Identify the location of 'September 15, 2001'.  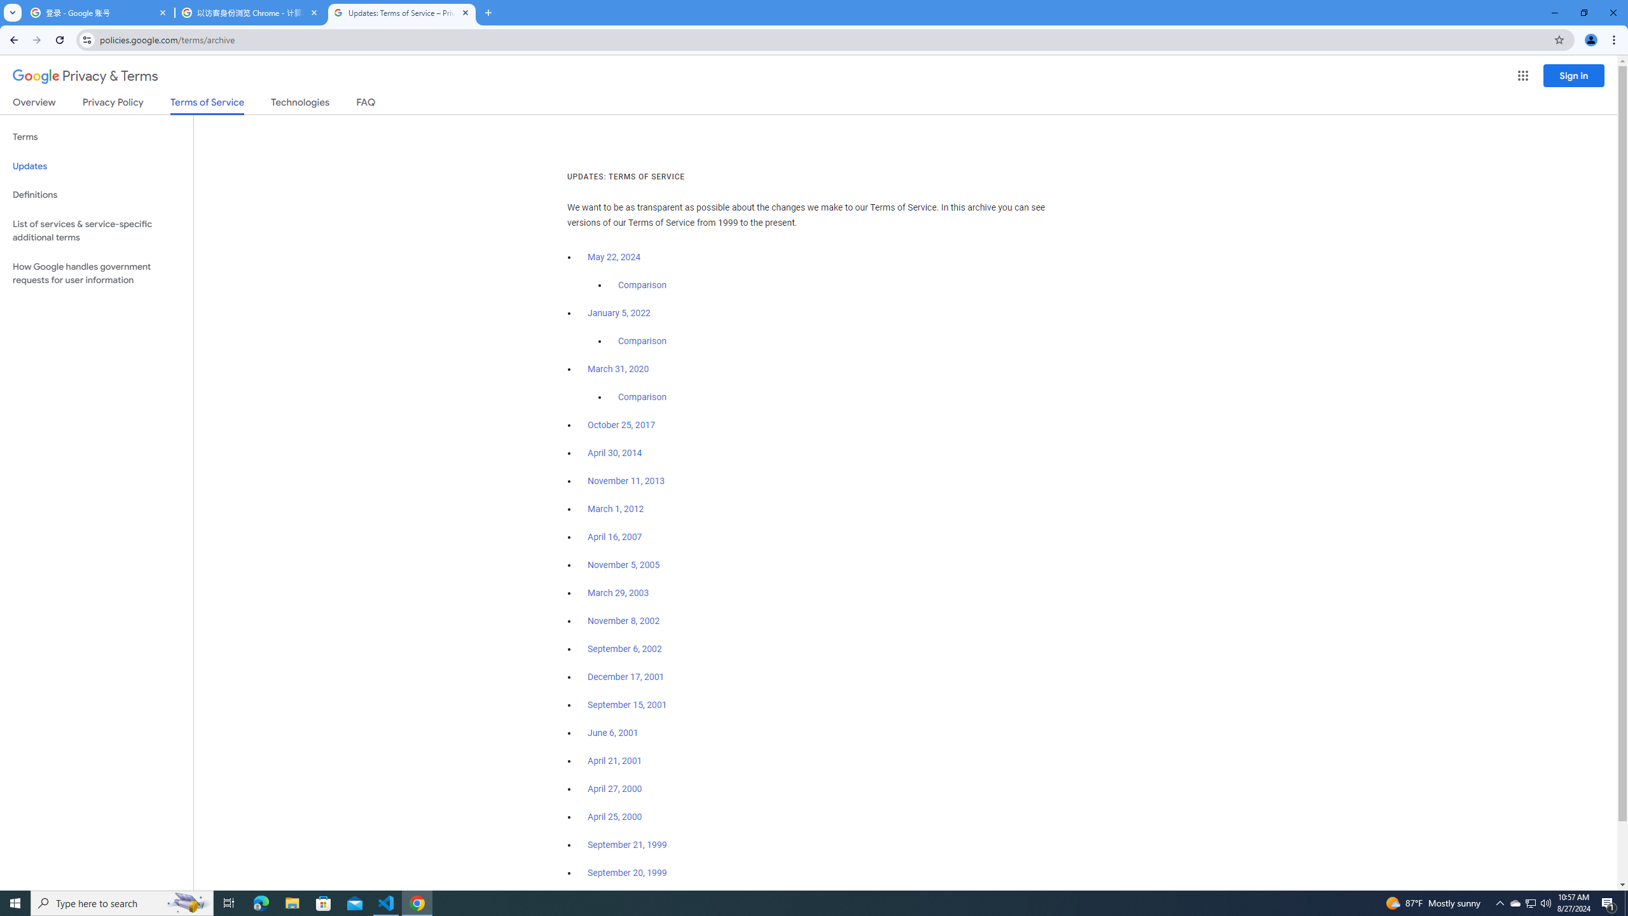
(627, 704).